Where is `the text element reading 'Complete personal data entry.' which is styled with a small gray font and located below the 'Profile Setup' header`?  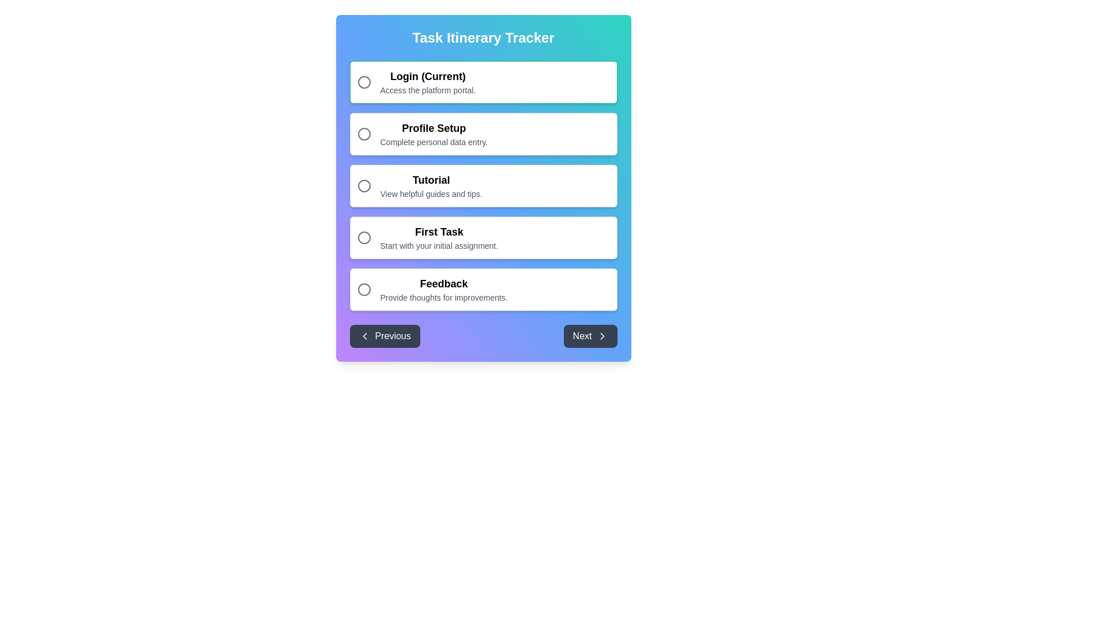
the text element reading 'Complete personal data entry.' which is styled with a small gray font and located below the 'Profile Setup' header is located at coordinates (433, 141).